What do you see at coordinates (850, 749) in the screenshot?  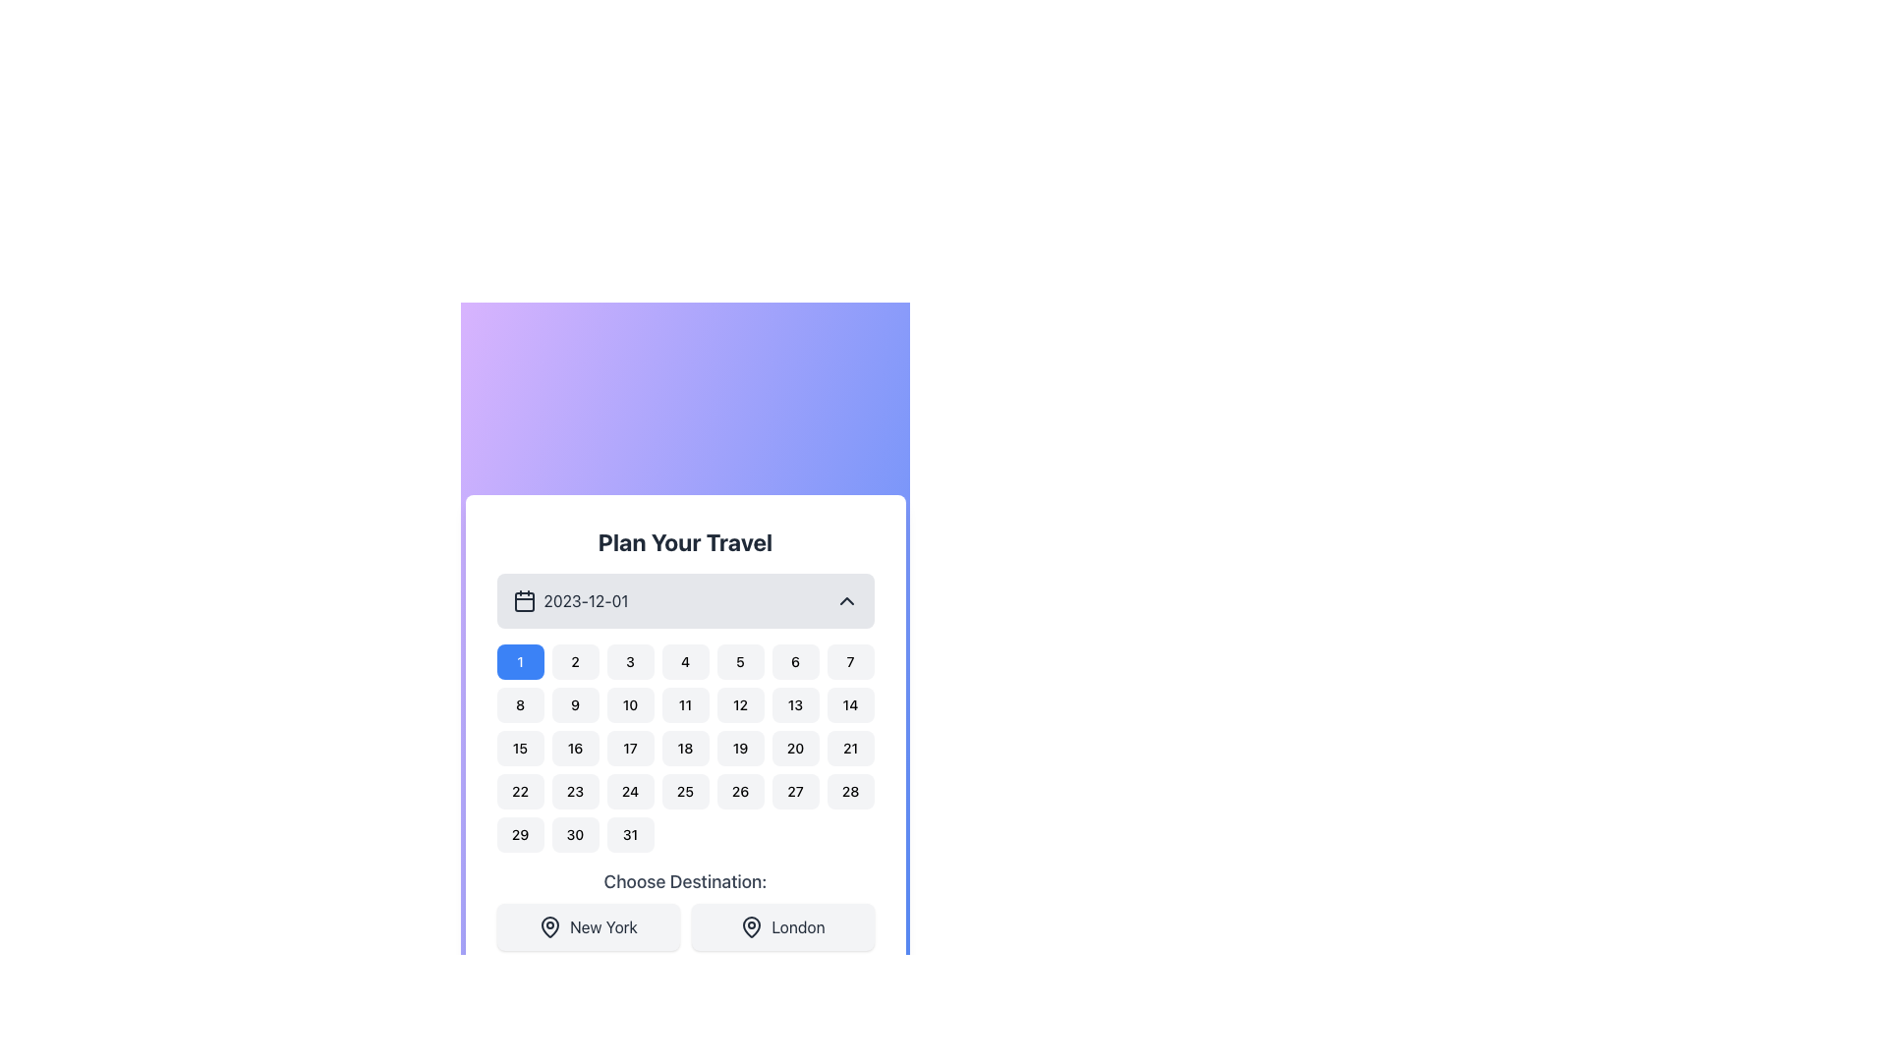 I see `the selectable date button representing '21' in the calendar component located in the third row and seventh column of the grid under the title 'Plan Your Travel'` at bounding box center [850, 749].